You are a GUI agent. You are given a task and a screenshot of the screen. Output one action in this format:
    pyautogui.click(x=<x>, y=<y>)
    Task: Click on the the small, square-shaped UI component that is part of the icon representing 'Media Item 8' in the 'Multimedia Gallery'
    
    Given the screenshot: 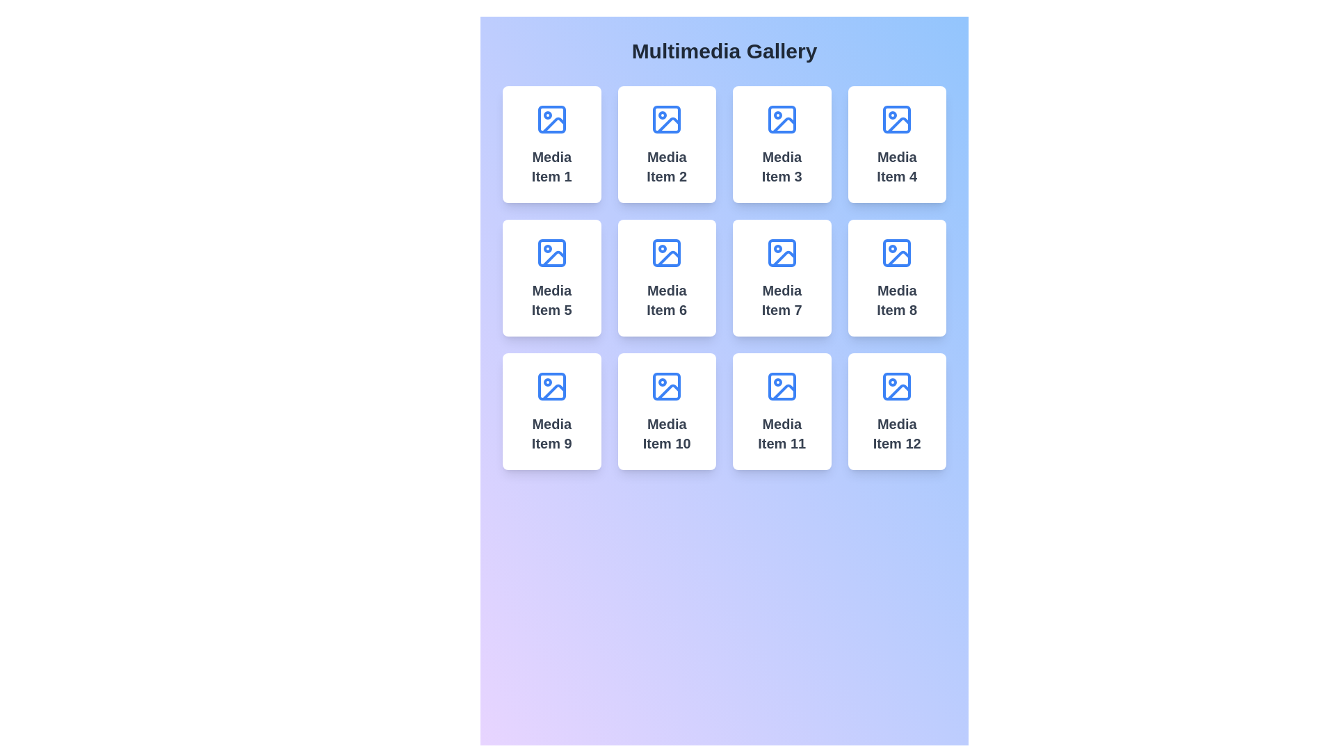 What is the action you would take?
    pyautogui.click(x=897, y=252)
    